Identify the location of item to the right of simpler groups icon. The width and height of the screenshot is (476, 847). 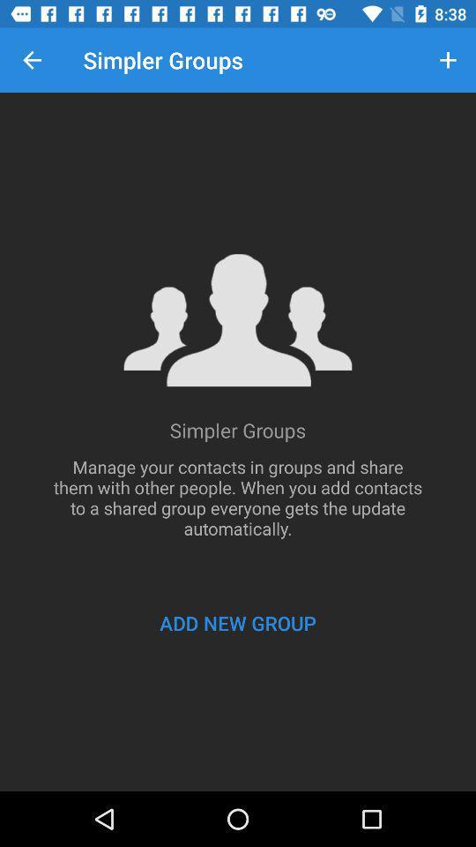
(448, 60).